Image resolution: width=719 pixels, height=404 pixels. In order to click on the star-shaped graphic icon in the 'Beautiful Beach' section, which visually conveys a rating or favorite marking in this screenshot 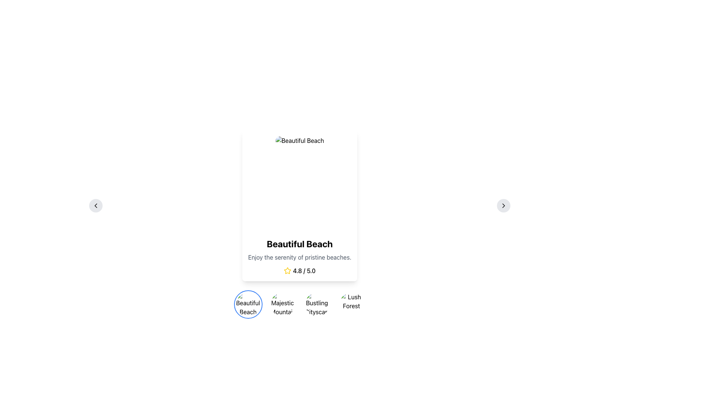, I will do `click(287, 270)`.